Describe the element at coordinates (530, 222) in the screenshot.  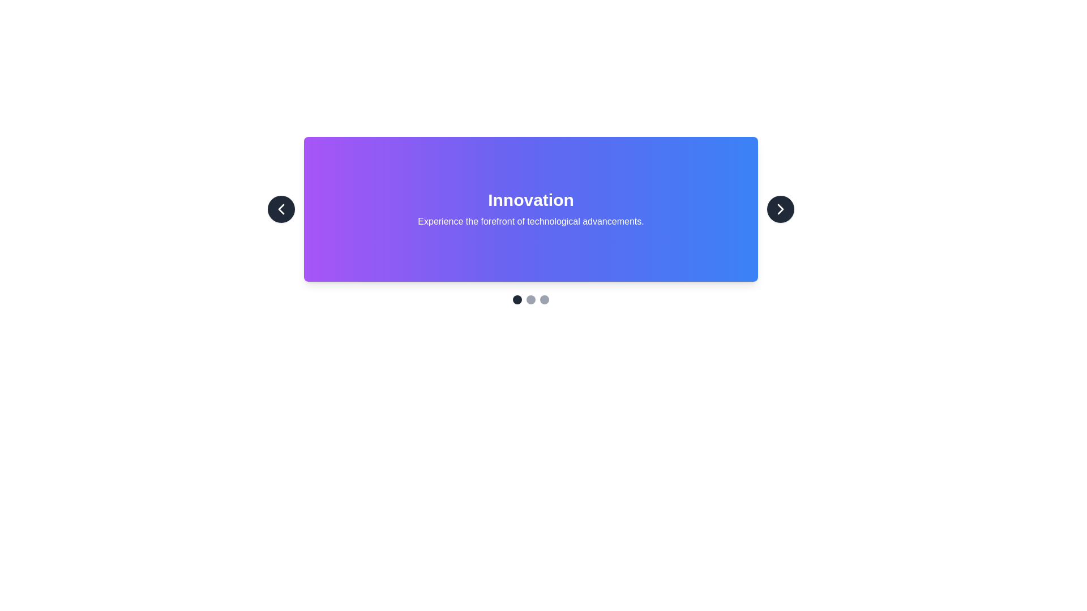
I see `informative subtitle text located underneath the bold title 'Innovation' within the purple-to-blue gradient section` at that location.